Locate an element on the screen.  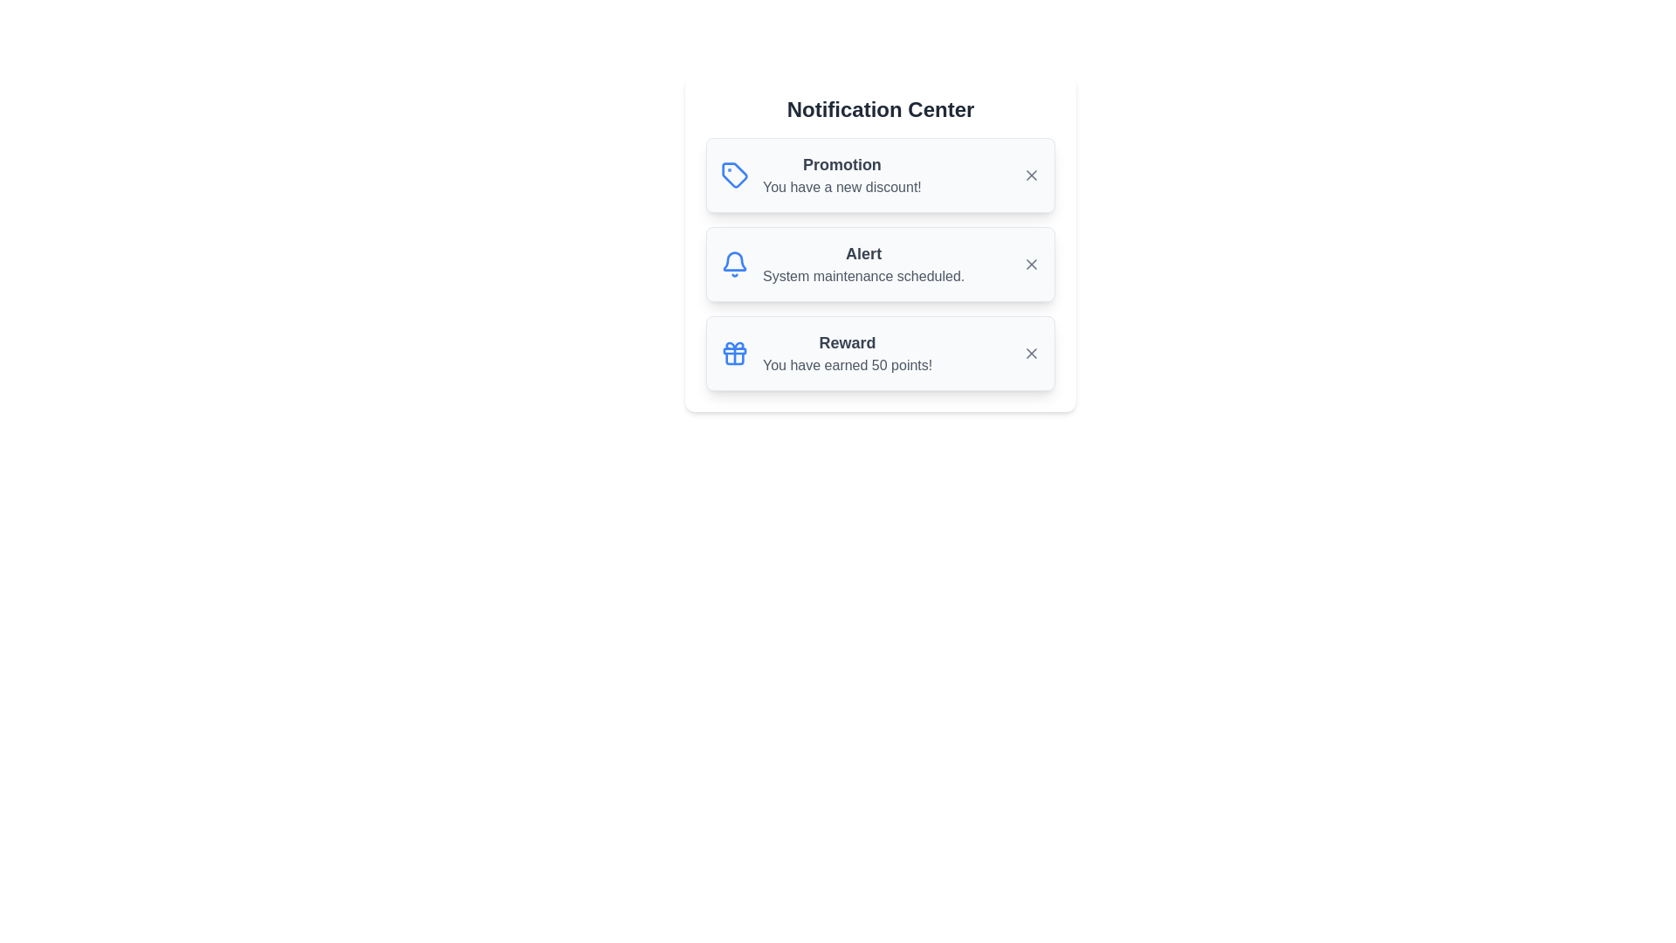
the notification alert icon located at the top right corner of the 'Alert' notification card, represented as an SVG element is located at coordinates (734, 261).